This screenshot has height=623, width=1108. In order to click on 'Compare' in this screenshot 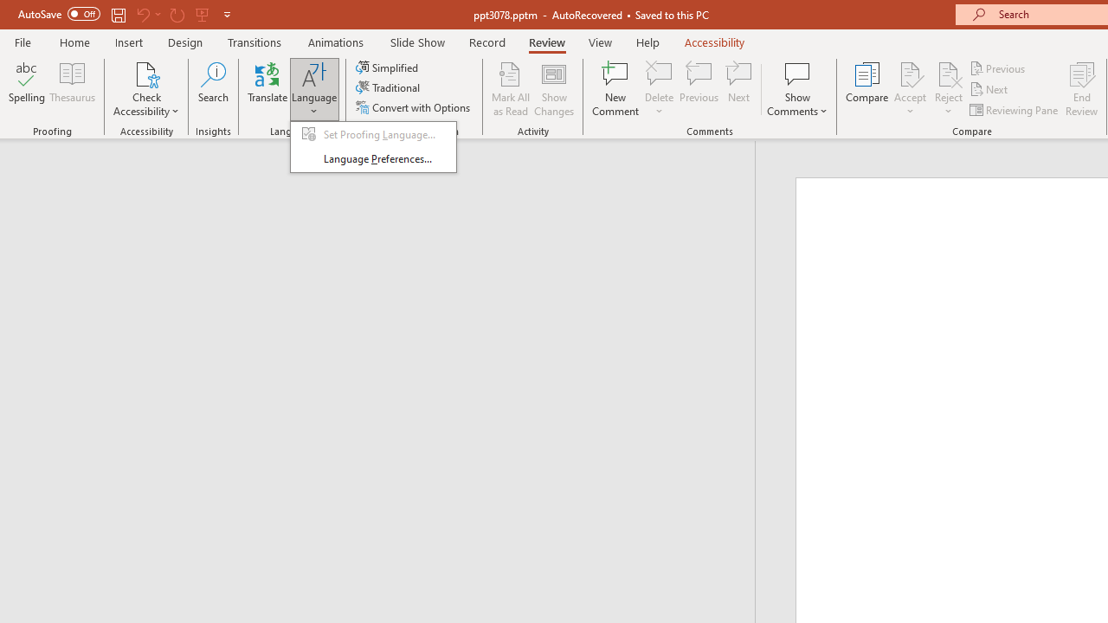, I will do `click(867, 89)`.